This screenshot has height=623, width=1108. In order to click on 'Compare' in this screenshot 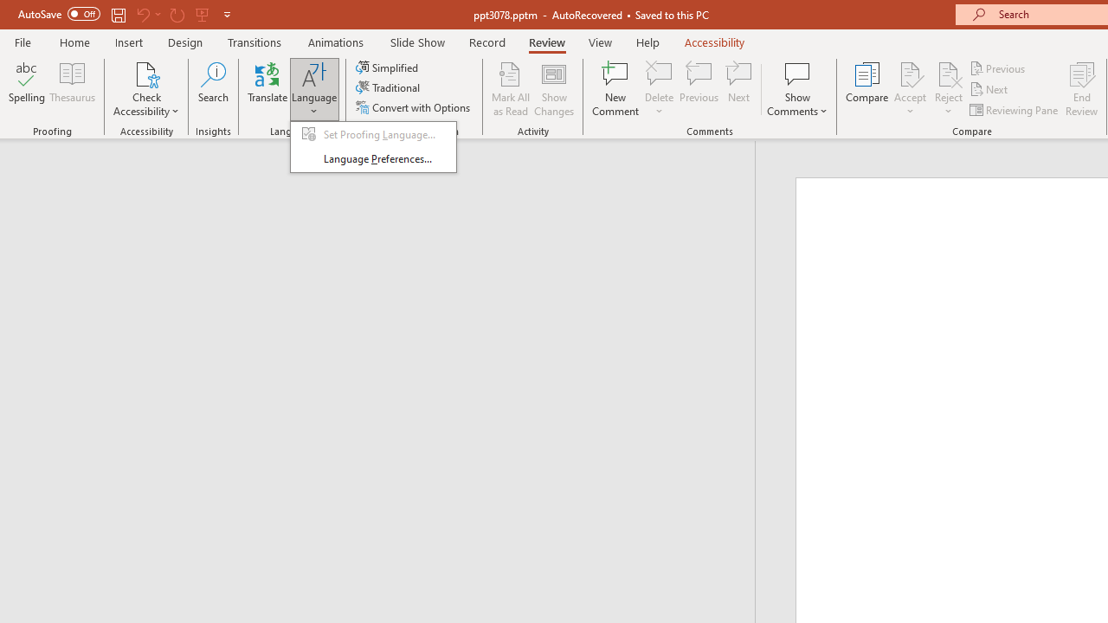, I will do `click(867, 89)`.